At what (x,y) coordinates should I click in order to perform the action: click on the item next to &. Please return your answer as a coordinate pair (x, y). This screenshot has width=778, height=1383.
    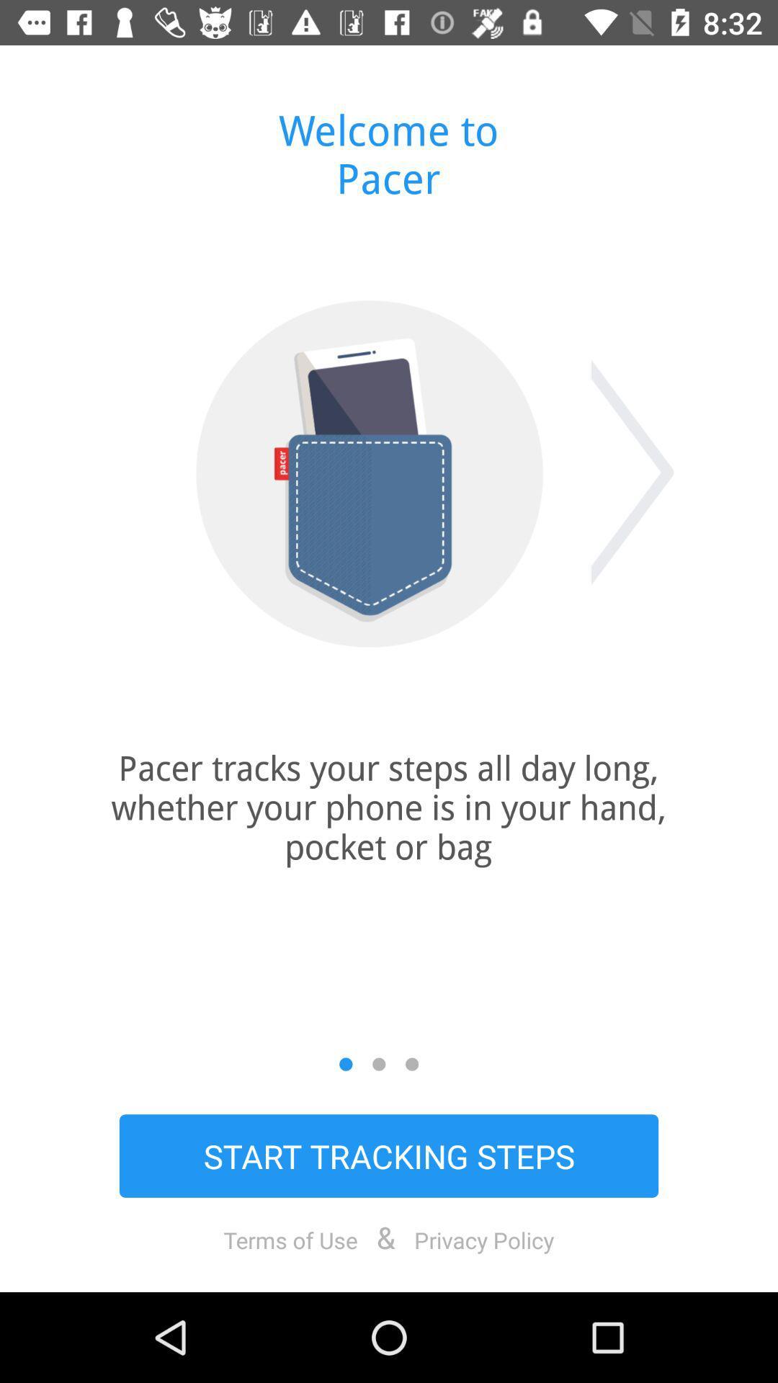
    Looking at the image, I should click on (290, 1239).